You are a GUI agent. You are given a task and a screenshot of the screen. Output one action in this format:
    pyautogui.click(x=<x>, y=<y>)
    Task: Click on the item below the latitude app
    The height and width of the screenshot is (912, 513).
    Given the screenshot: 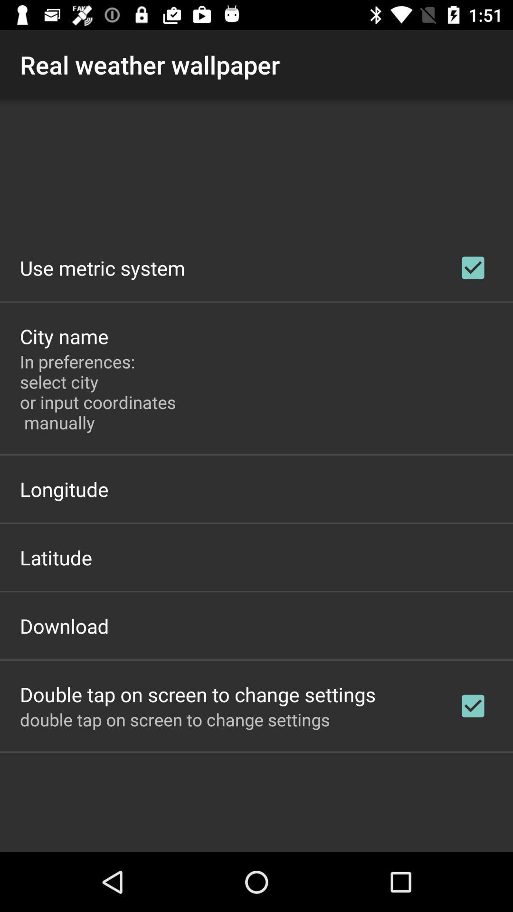 What is the action you would take?
    pyautogui.click(x=64, y=626)
    